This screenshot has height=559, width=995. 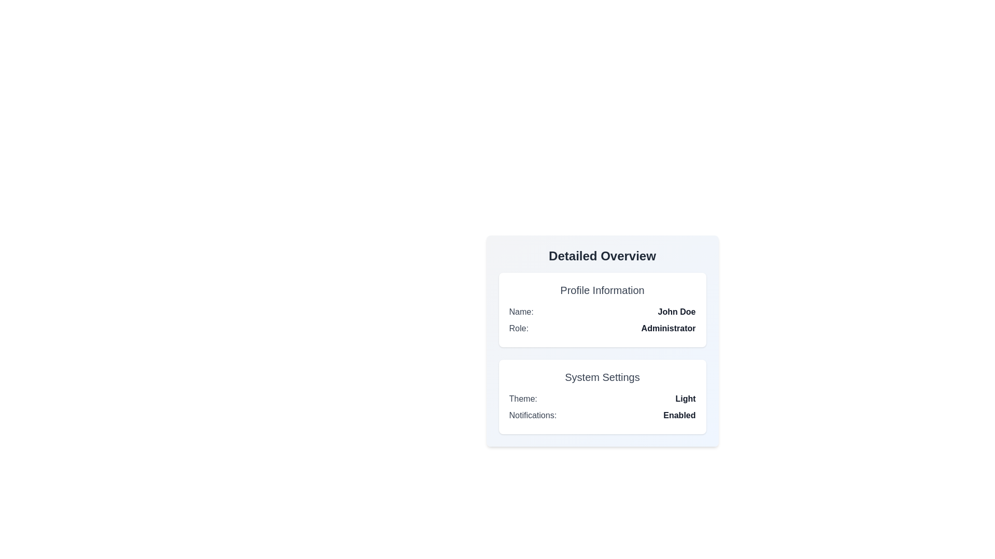 I want to click on displayed content of the Information box, which summarizes user profile information including the user's name and role, located near the top-center of the layout section titled 'Detailed Overview', so click(x=602, y=309).